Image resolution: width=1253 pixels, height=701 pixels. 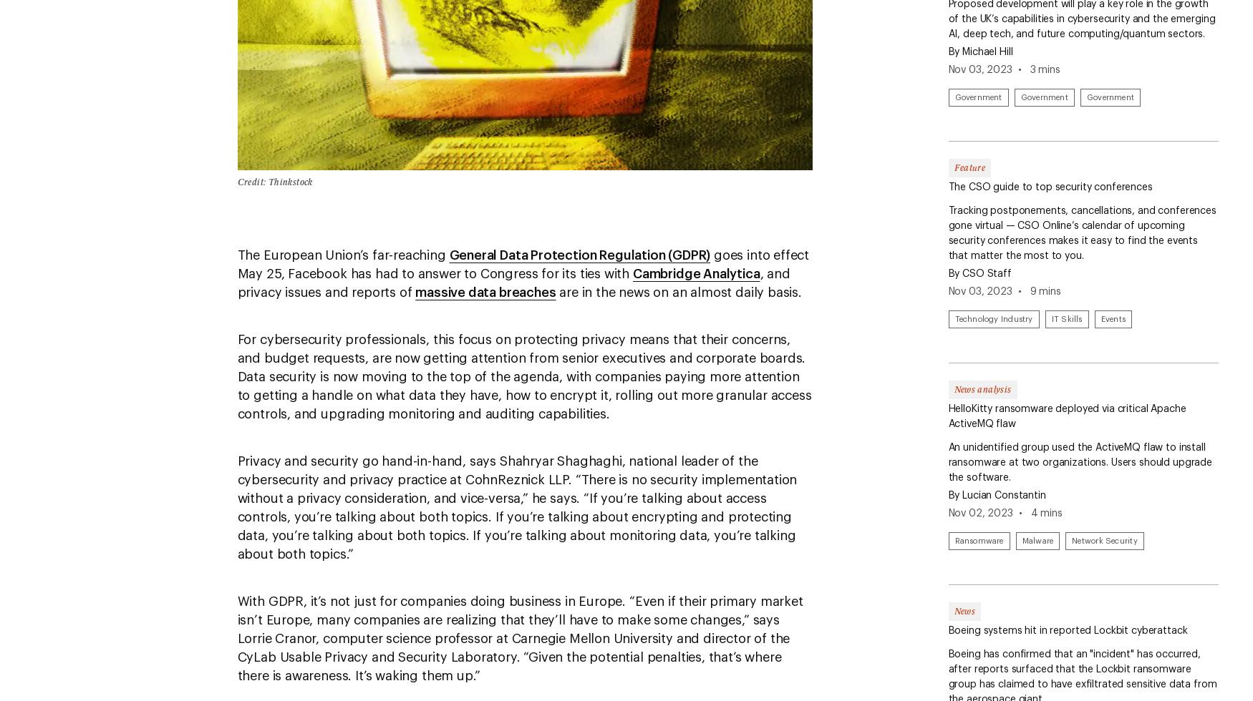 What do you see at coordinates (357, 240) in the screenshot?
I see `'Ransomware'` at bounding box center [357, 240].